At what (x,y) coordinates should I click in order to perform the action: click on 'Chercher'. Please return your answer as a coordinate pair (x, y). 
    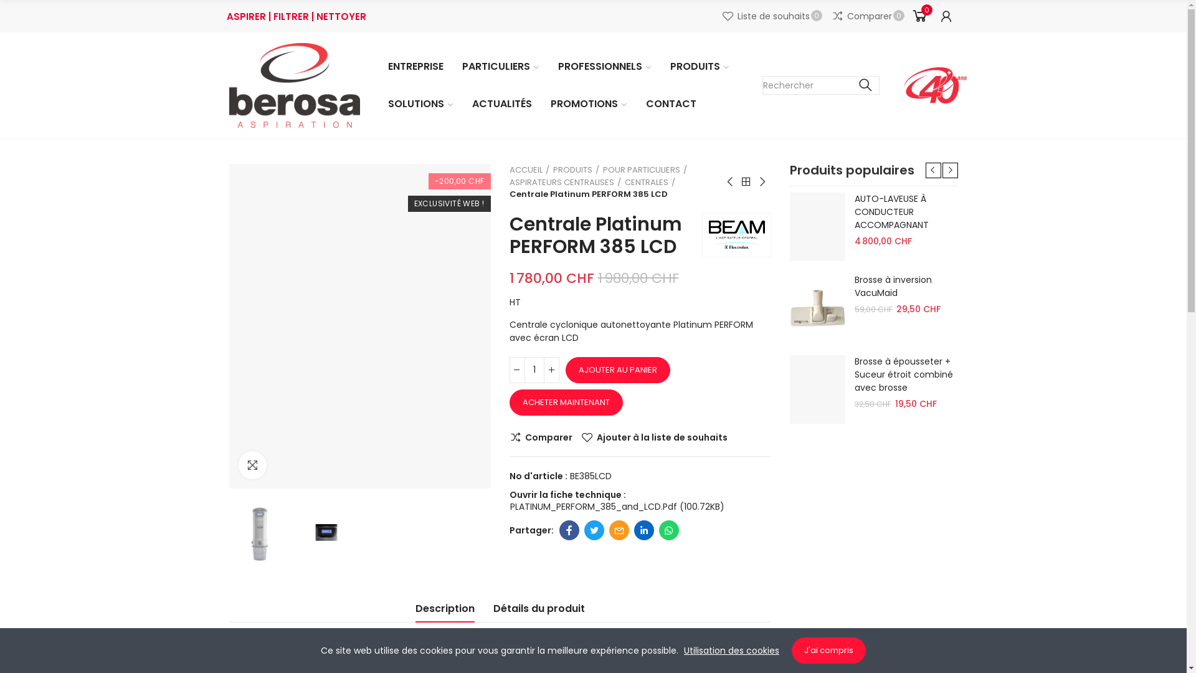
    Looking at the image, I should click on (865, 85).